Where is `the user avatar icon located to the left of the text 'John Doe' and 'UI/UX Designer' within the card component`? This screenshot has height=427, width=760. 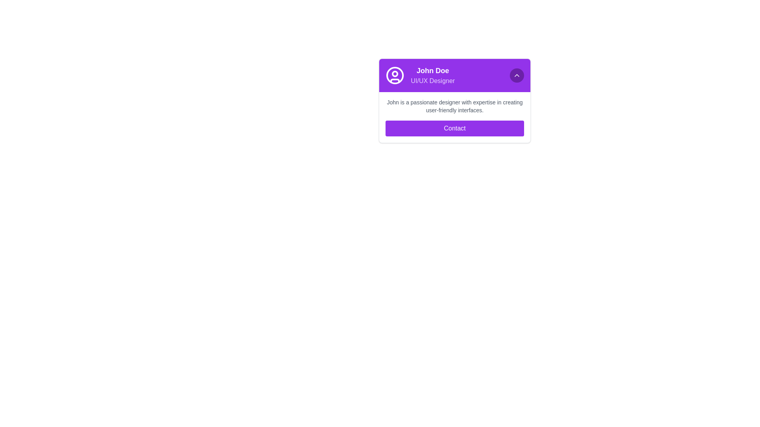 the user avatar icon located to the left of the text 'John Doe' and 'UI/UX Designer' within the card component is located at coordinates (395, 76).